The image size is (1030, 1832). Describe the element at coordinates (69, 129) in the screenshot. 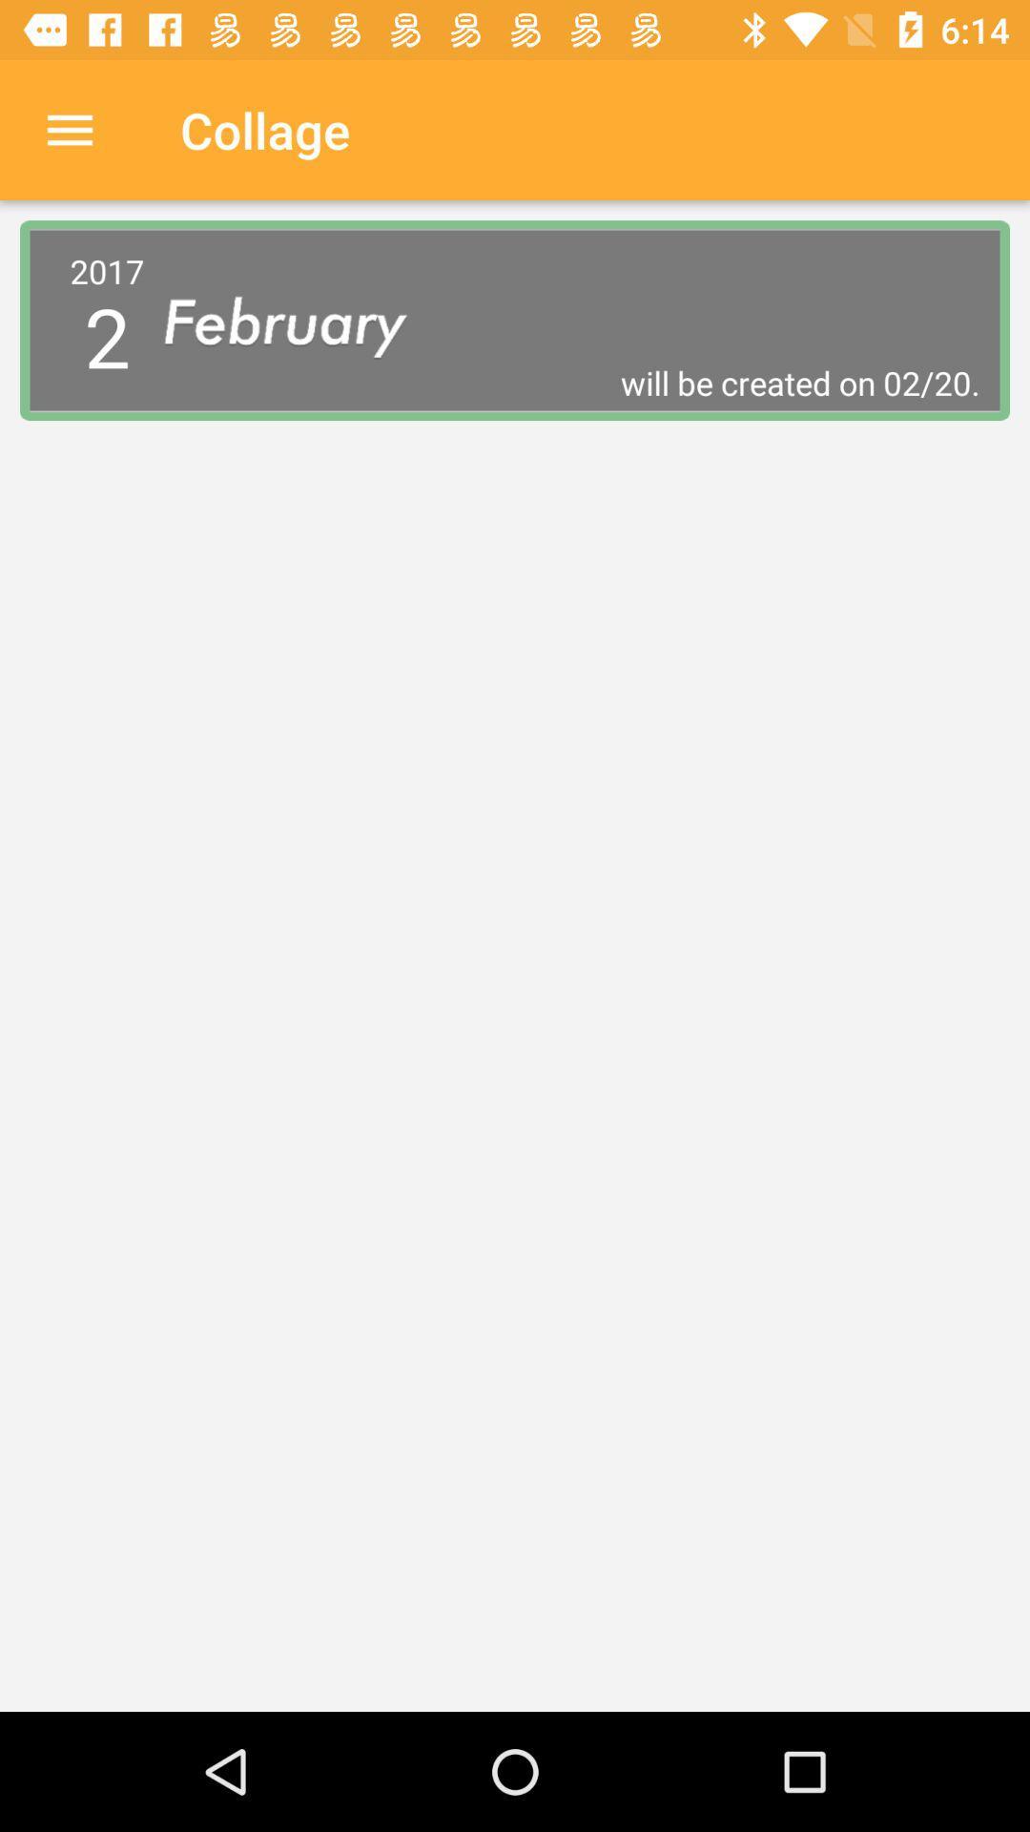

I see `icon next to the collage icon` at that location.